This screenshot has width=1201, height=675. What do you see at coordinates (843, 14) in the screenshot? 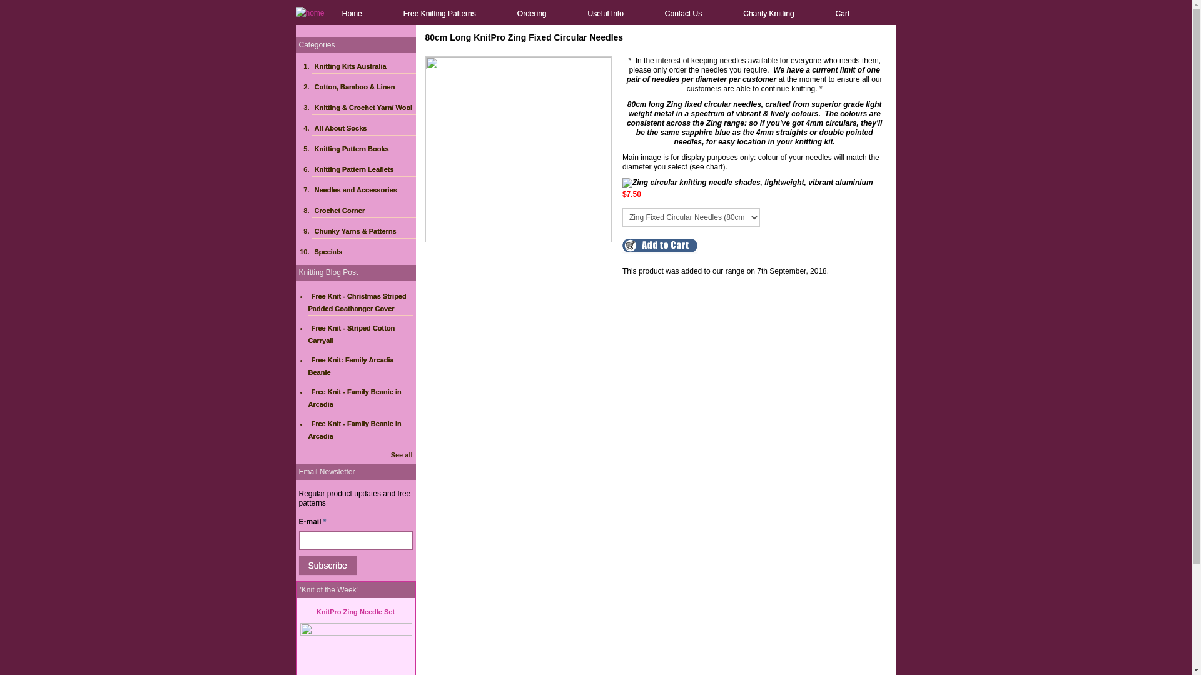
I see `'Cart'` at bounding box center [843, 14].